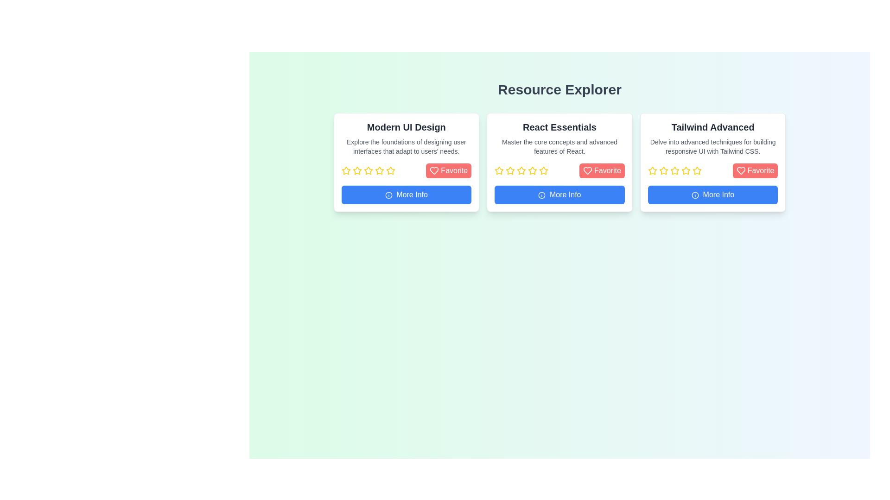  What do you see at coordinates (369, 171) in the screenshot?
I see `the third star icon in the rating system under the 'Modern UI Design' card to interact with the rating feature` at bounding box center [369, 171].